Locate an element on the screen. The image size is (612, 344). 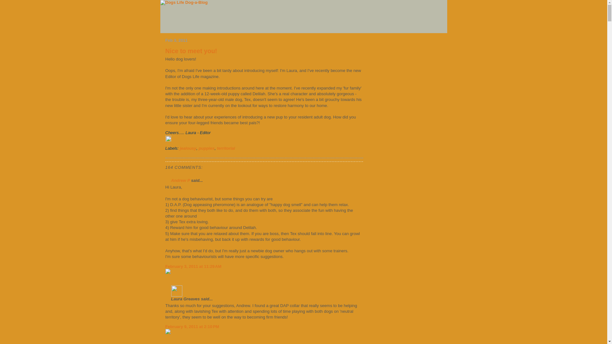
'Laura Greaves' is located at coordinates (176, 291).